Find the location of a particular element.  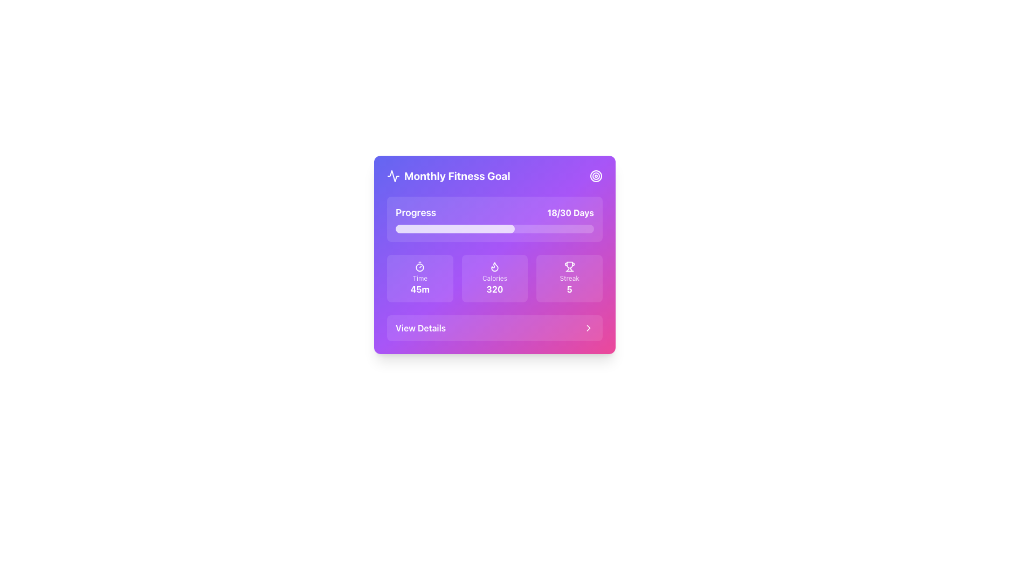

the SVG flame-like icon in the 'Monthly Fitness Goal' section, which is located above the 'Calories' label and between the 'Time' and 'Streak' icons is located at coordinates (494, 267).